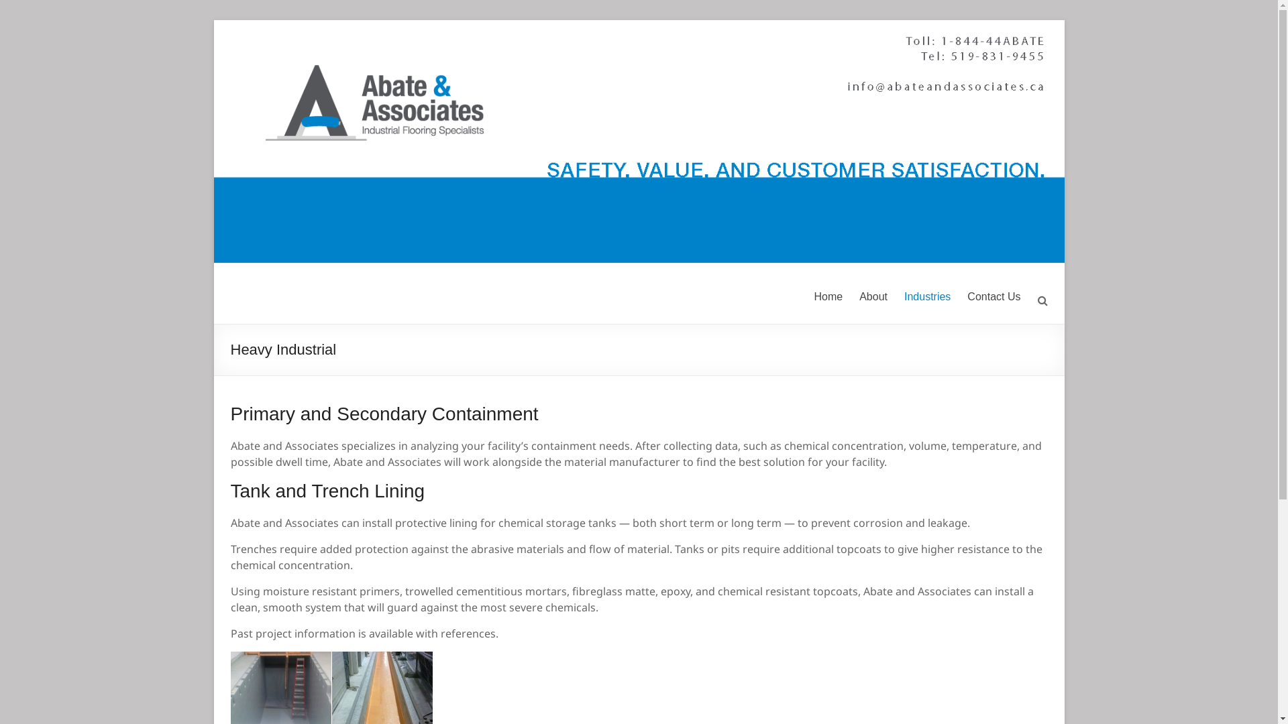 The height and width of the screenshot is (724, 1288). Describe the element at coordinates (994, 296) in the screenshot. I see `'Contact Us'` at that location.